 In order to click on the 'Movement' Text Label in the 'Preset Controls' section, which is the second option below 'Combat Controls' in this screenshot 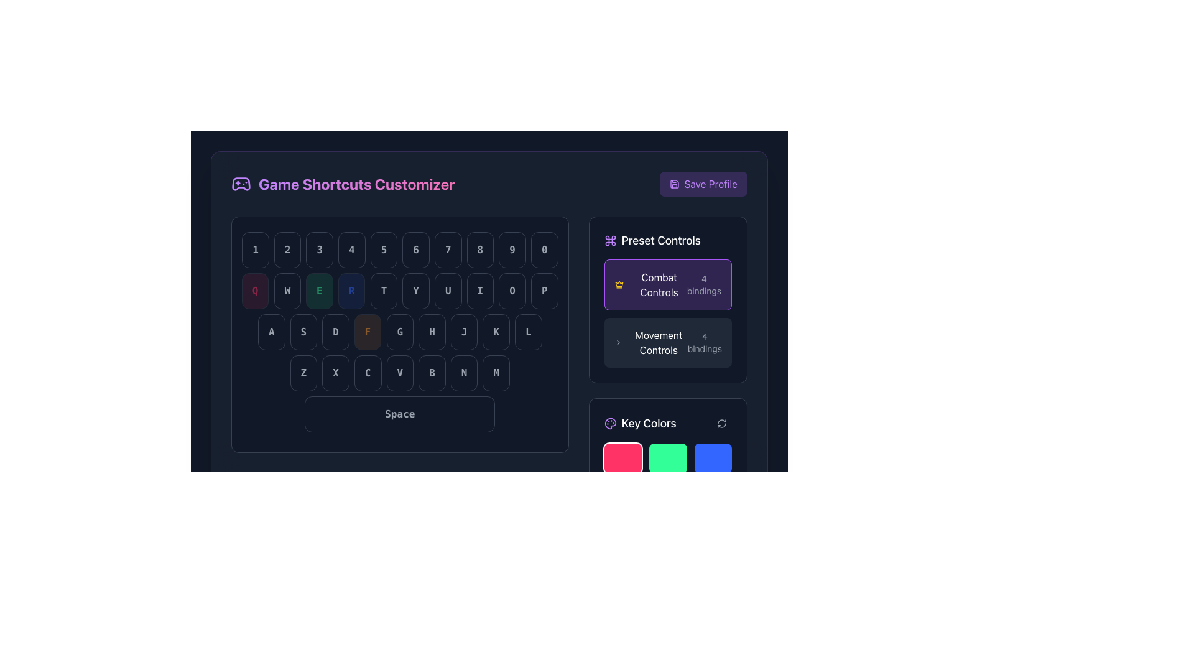, I will do `click(658, 343)`.